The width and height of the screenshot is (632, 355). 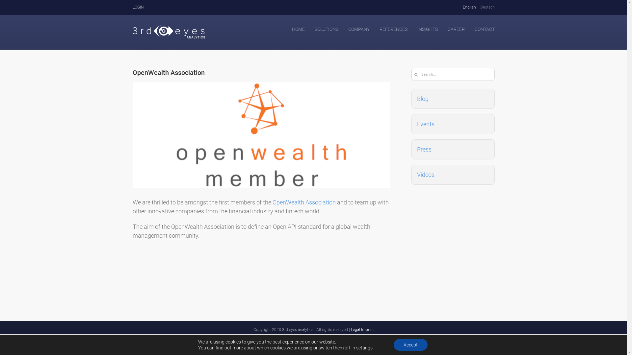 I want to click on 'OpenWealth Association', so click(x=304, y=202).